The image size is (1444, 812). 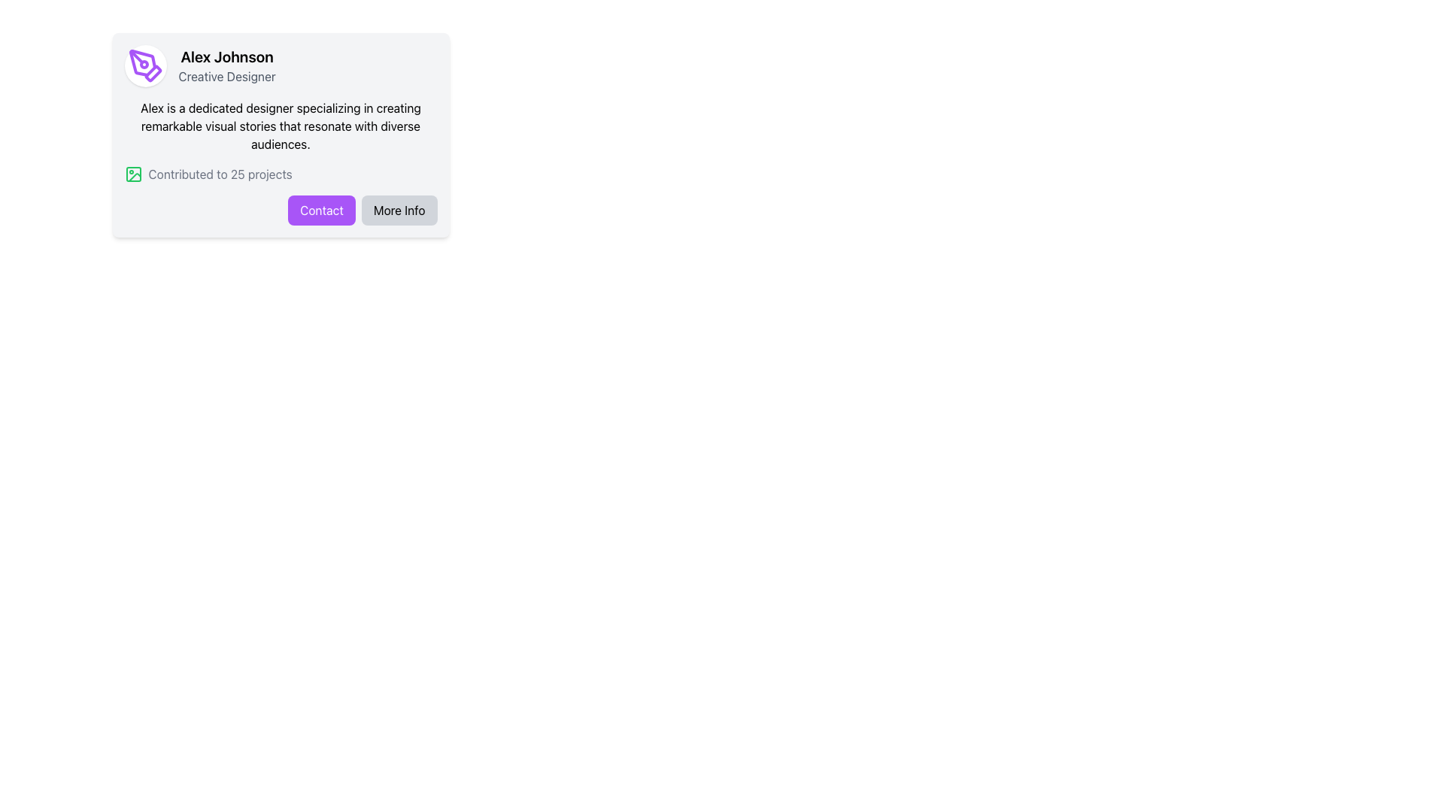 I want to click on the avatar icon located at the top-left corner of the profile card for 'Alex Johnson', adjacent to the text 'Alex Johnson' and 'Creative Designer', so click(x=145, y=65).